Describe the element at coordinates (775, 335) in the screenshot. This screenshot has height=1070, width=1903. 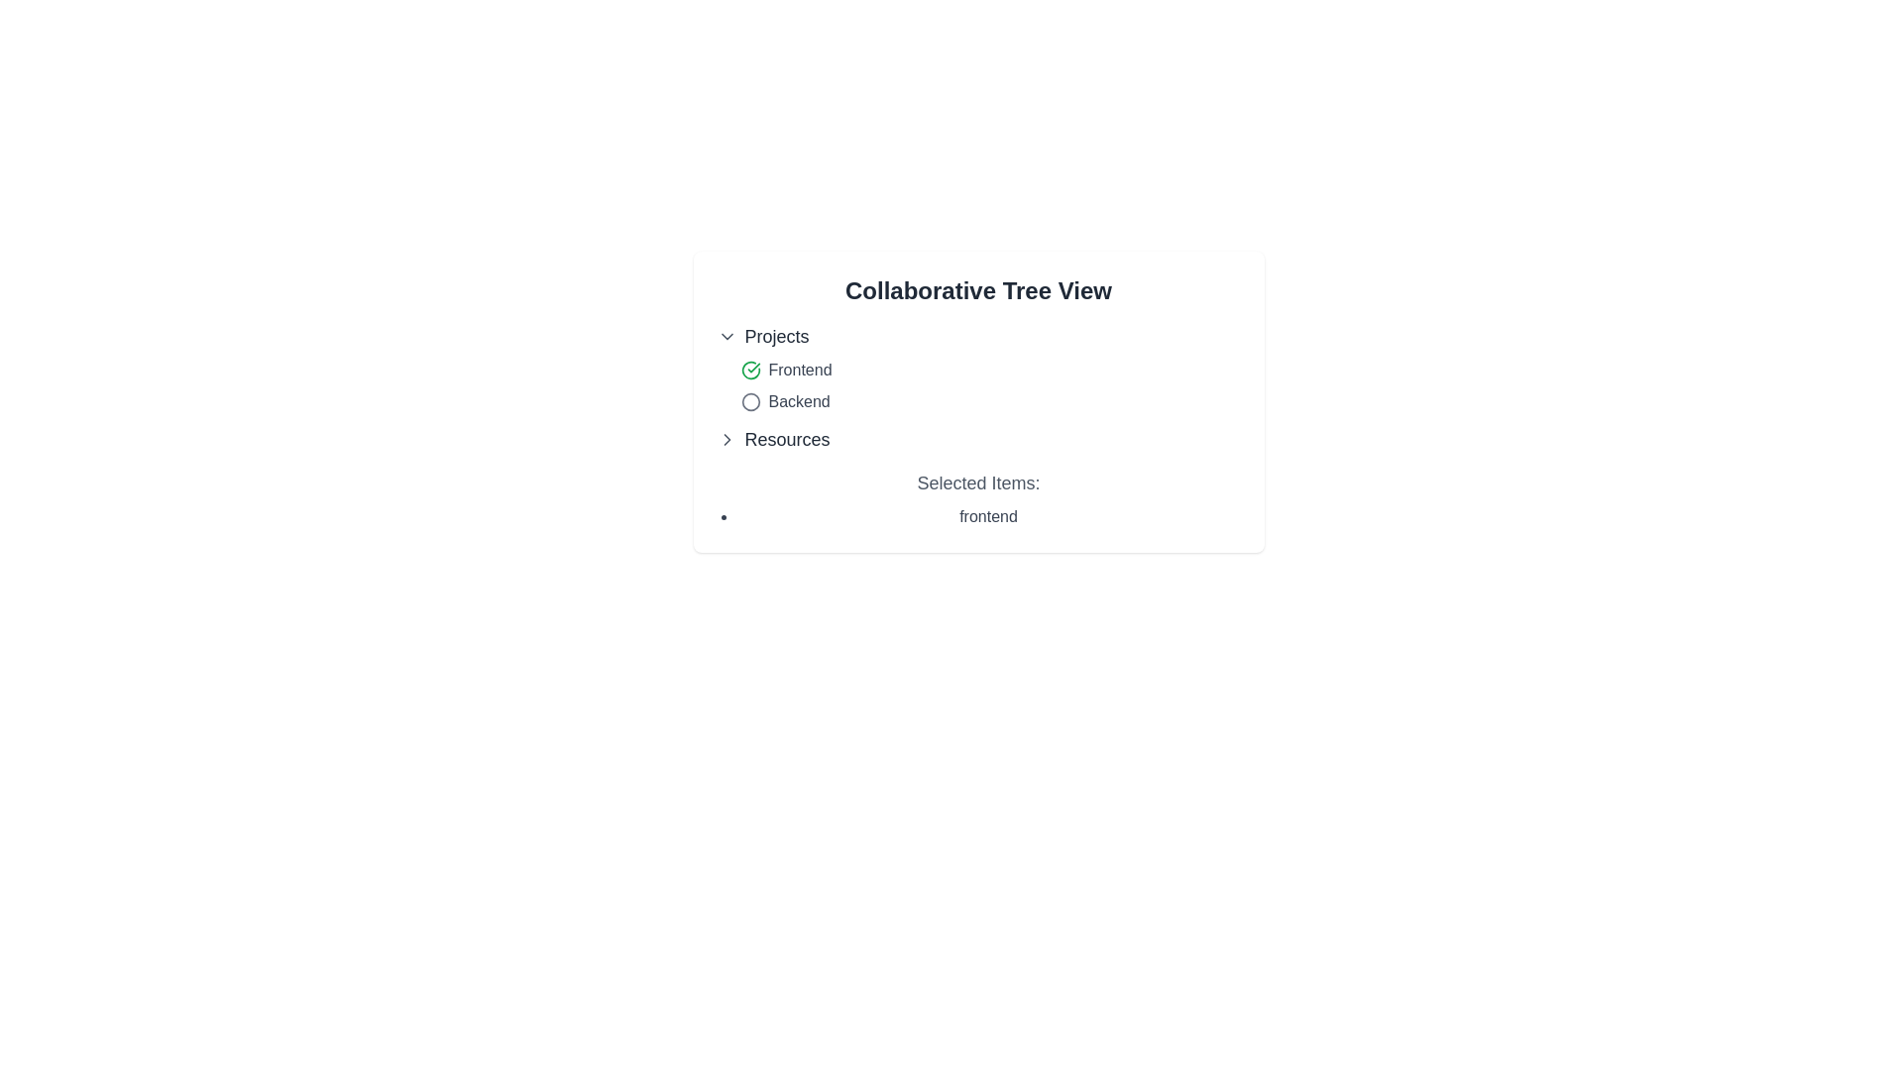
I see `the 'Projects' text label, which is styled in bold gray font and positioned next to a downward-pointing chevron icon within a collapsible menu` at that location.